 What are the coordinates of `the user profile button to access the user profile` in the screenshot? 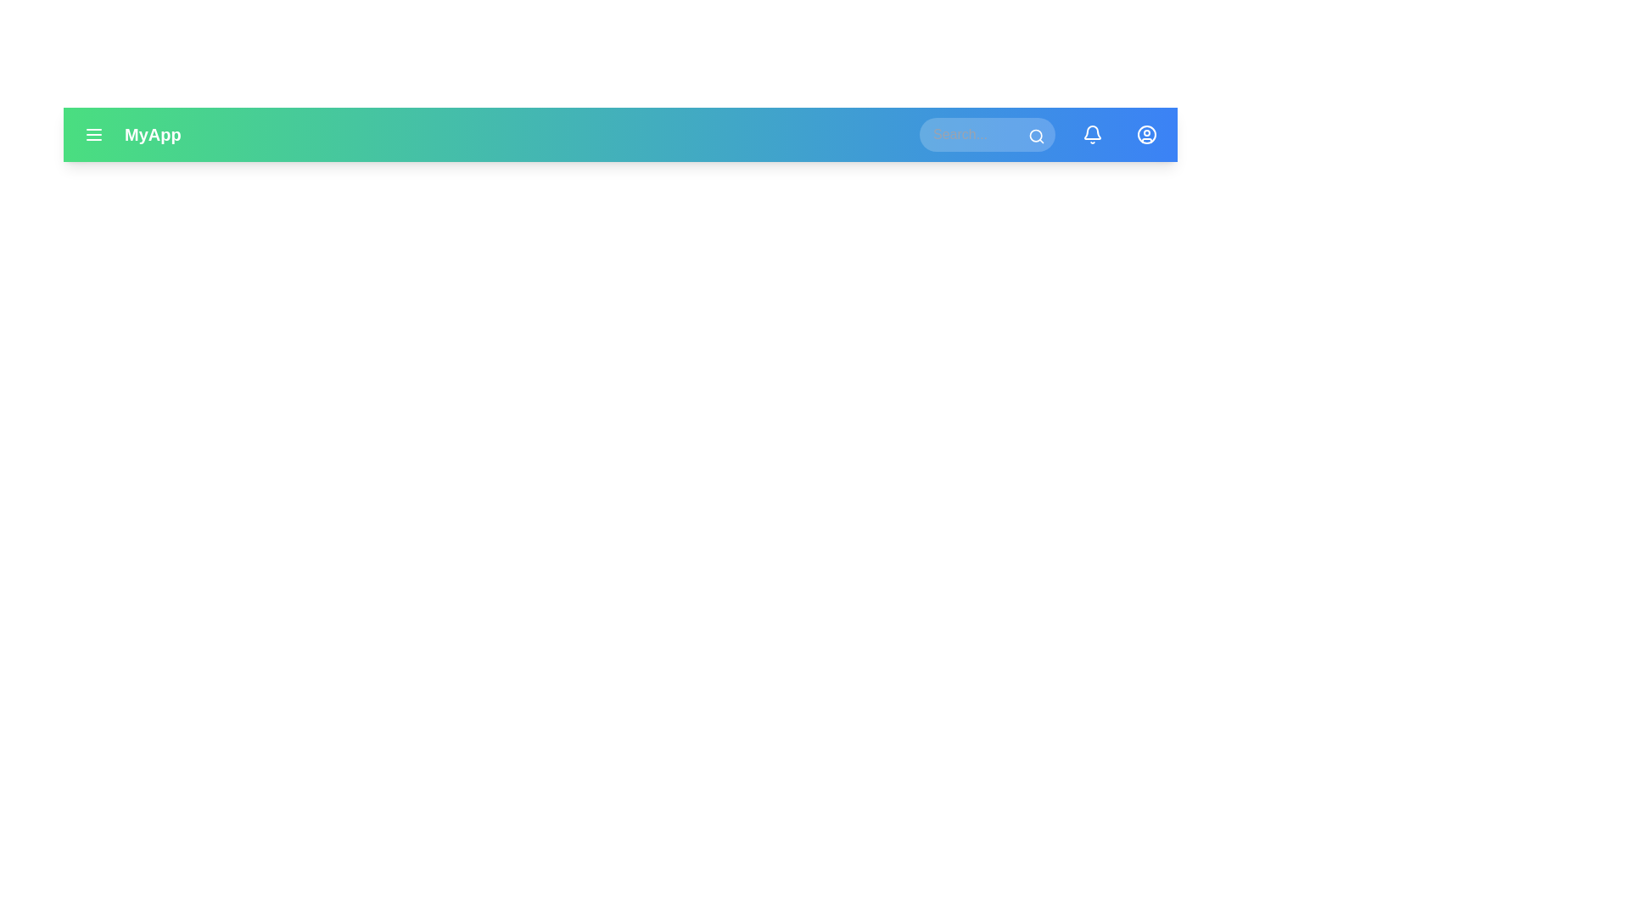 It's located at (1147, 133).